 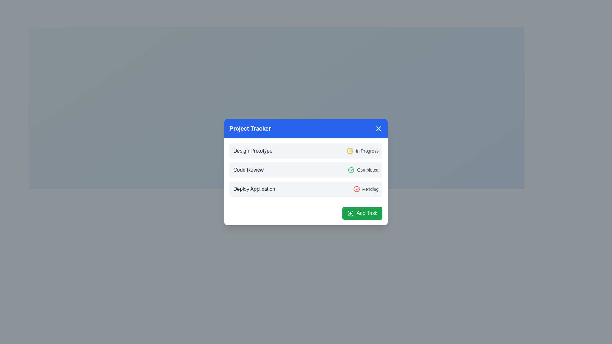 I want to click on status text from the Status indicator indicating the 'Deploy Application' task as 'Pending', located on the far right of the 'Deploy Application' row in the 'Project Tracker' interface, so click(x=366, y=189).